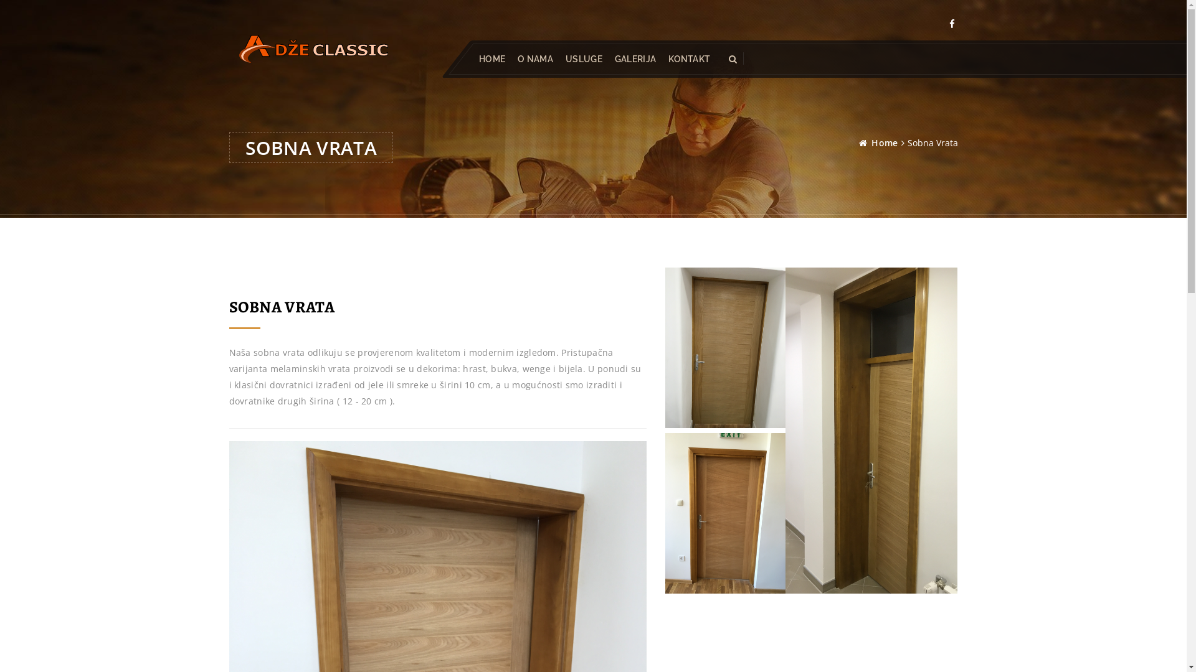  Describe the element at coordinates (490, 59) in the screenshot. I see `'HOME'` at that location.